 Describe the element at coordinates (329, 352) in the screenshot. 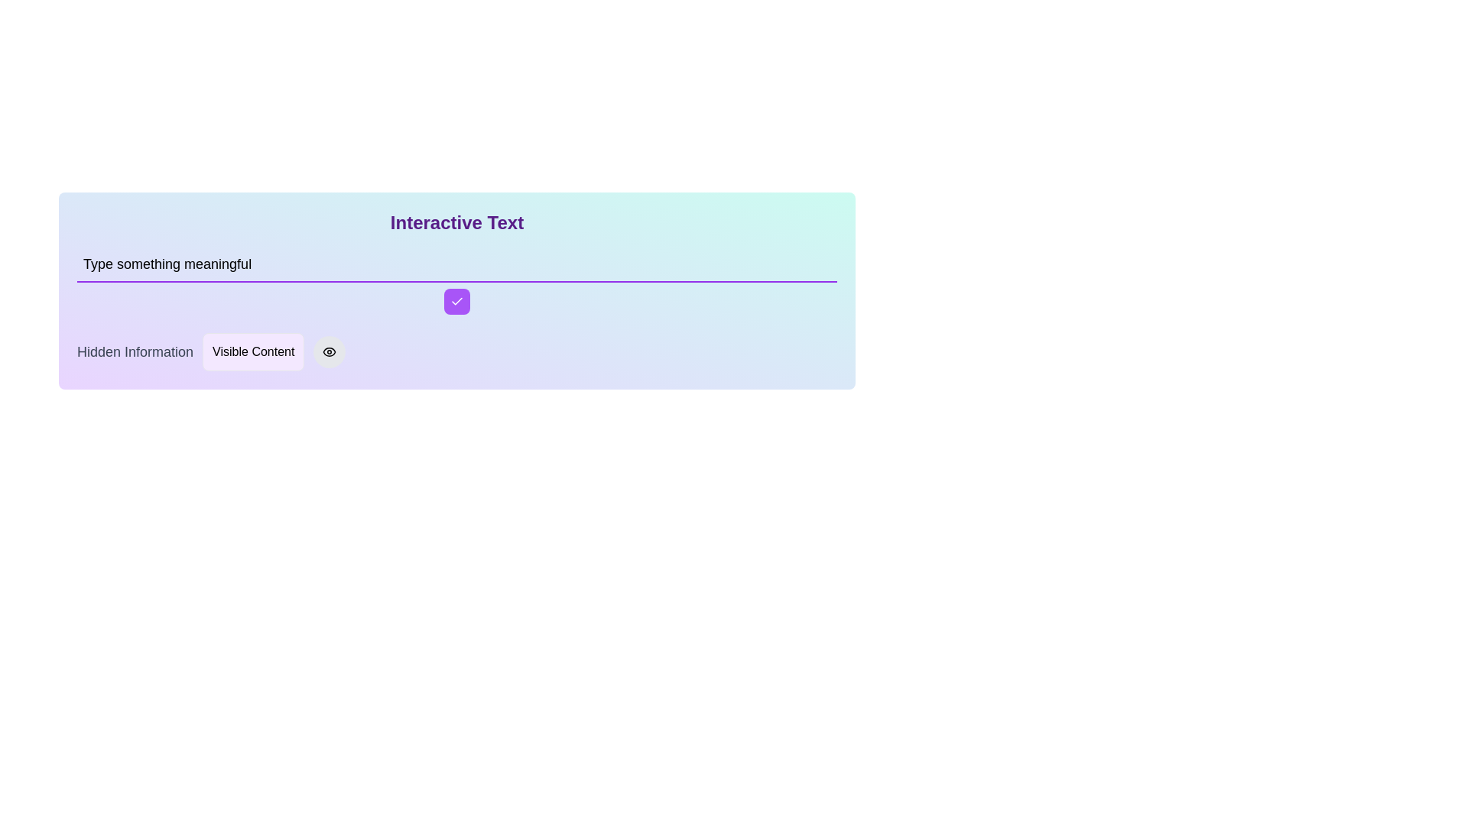

I see `the circular button with a gray background and an eye icon` at that location.